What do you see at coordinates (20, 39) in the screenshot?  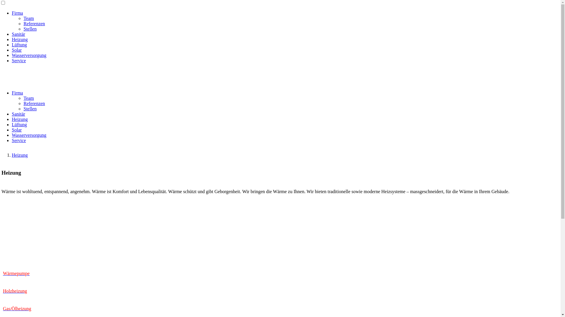 I see `'Heizung'` at bounding box center [20, 39].